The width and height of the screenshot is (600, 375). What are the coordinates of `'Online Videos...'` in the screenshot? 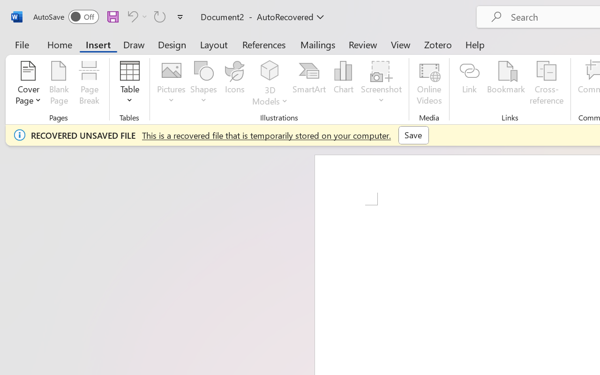 It's located at (428, 84).